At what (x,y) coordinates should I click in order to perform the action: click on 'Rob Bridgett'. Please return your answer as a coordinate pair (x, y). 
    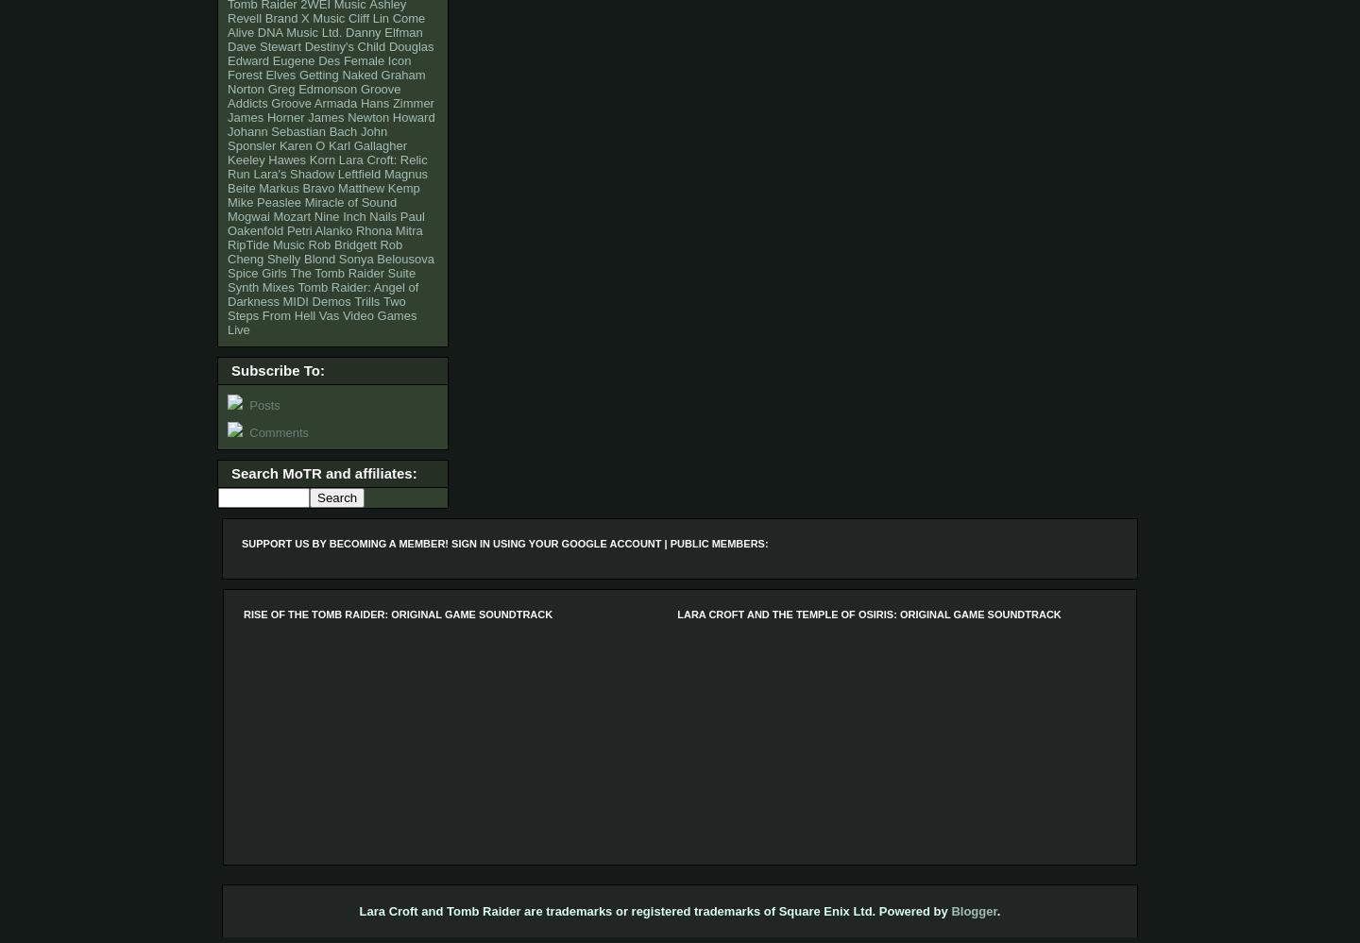
    Looking at the image, I should click on (341, 244).